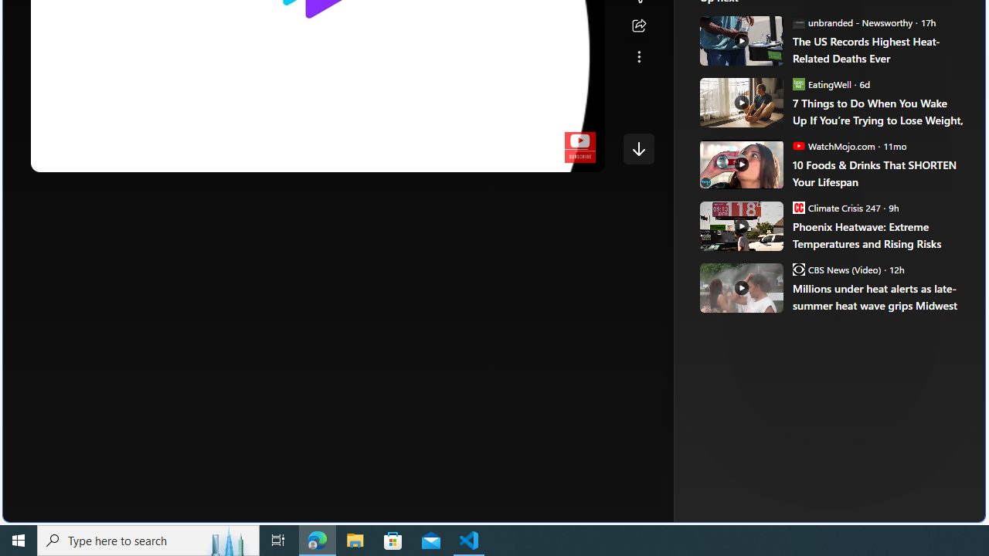  Describe the element at coordinates (821, 83) in the screenshot. I see `'EatingWell EatingWell'` at that location.